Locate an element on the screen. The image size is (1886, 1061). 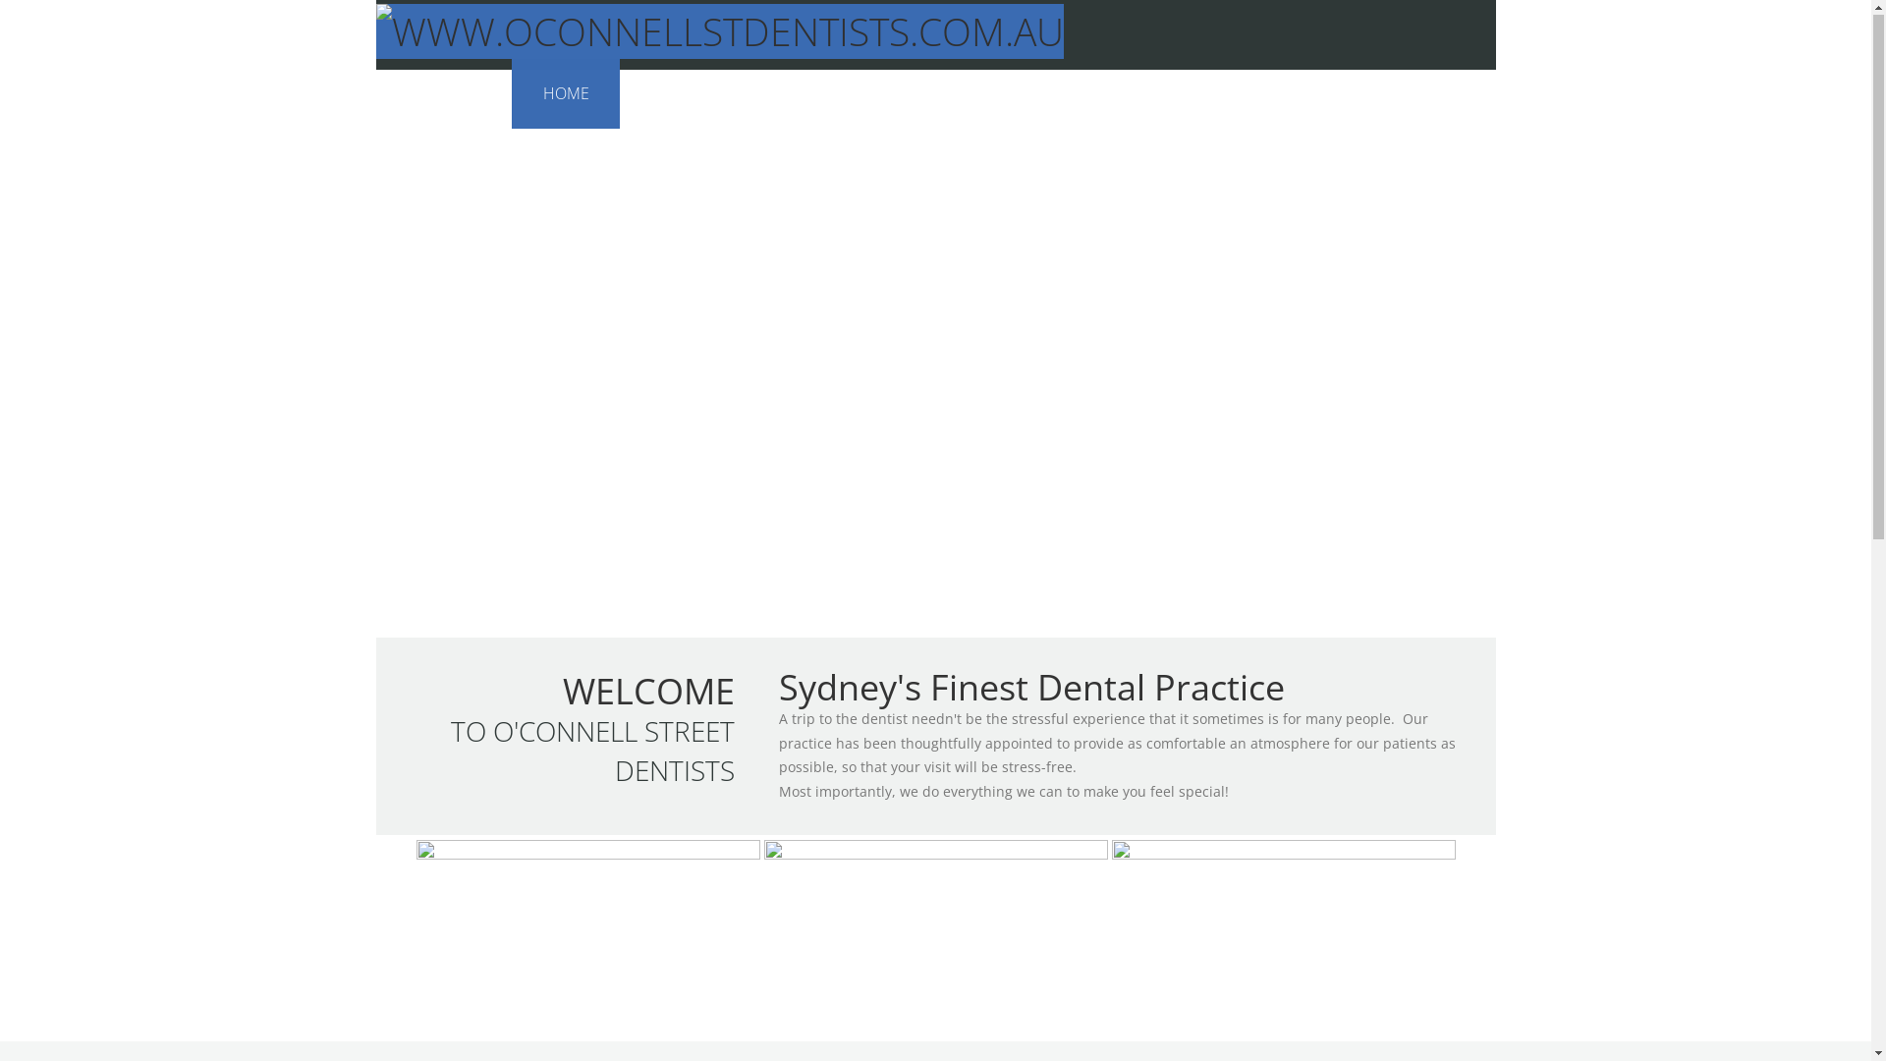
'www.oconnellstdentists.com.au' is located at coordinates (718, 32).